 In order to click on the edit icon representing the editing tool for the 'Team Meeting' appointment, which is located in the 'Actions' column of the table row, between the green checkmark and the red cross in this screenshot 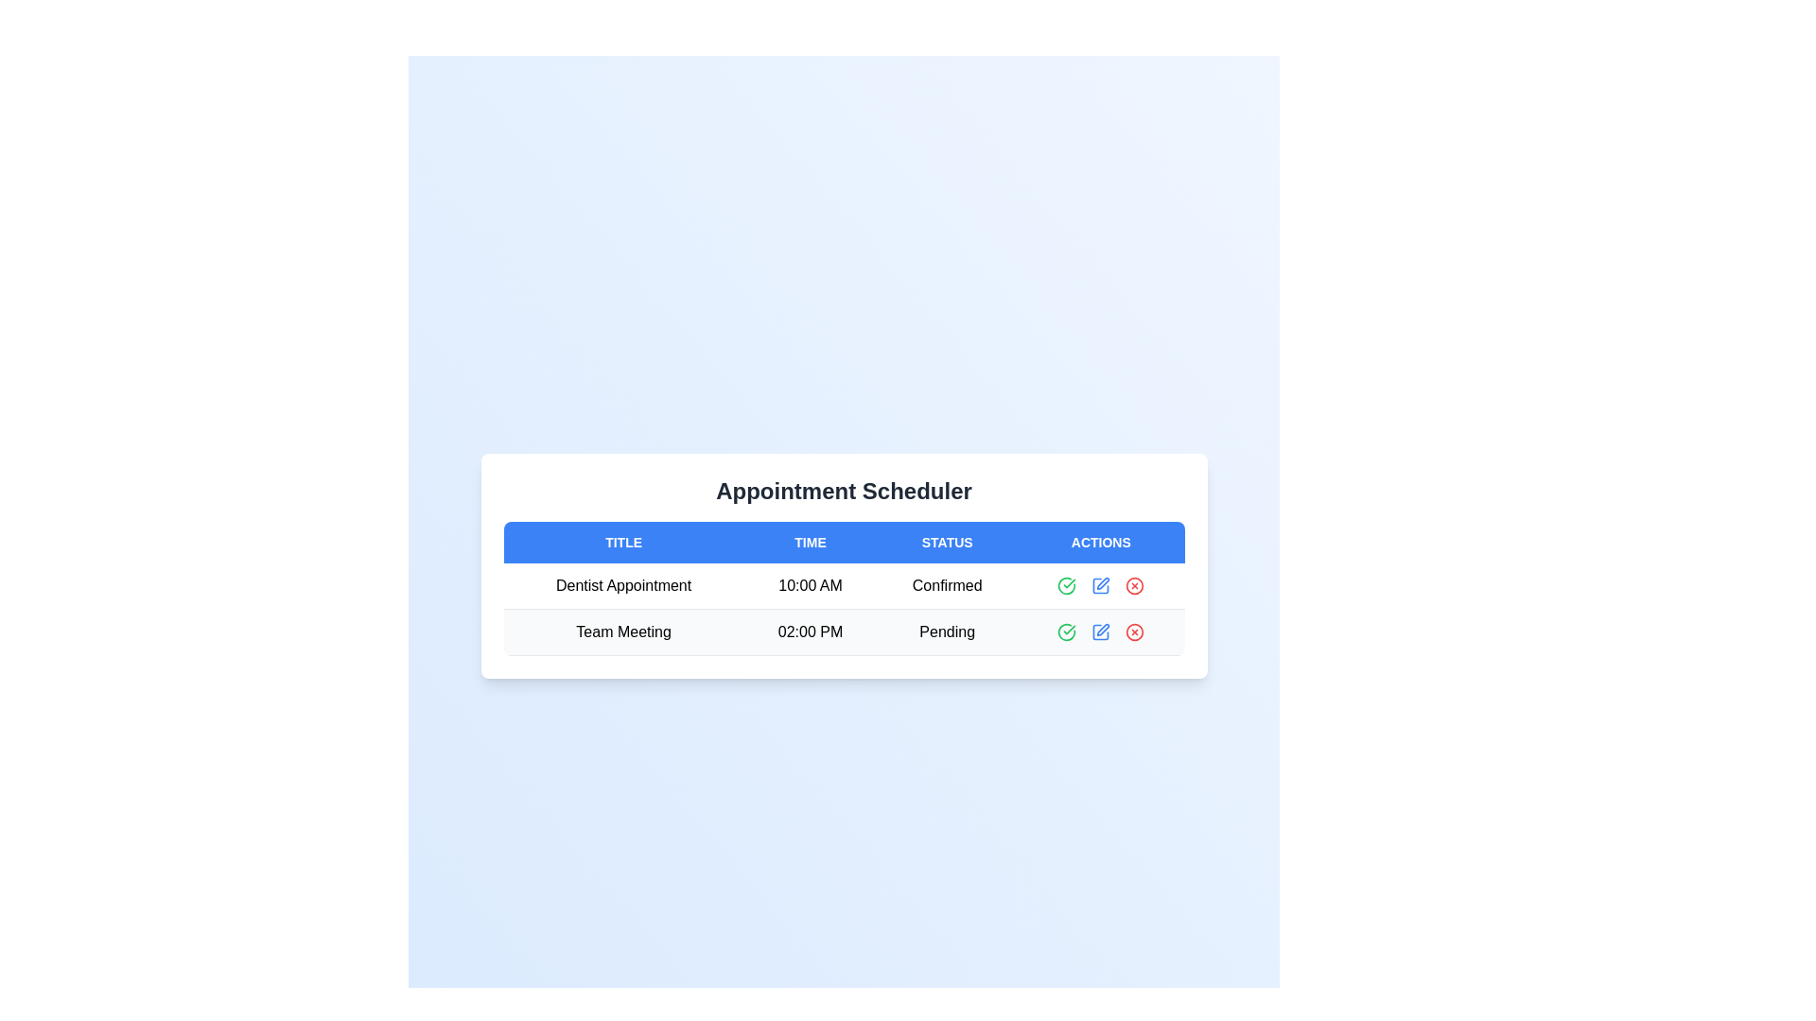, I will do `click(1103, 582)`.